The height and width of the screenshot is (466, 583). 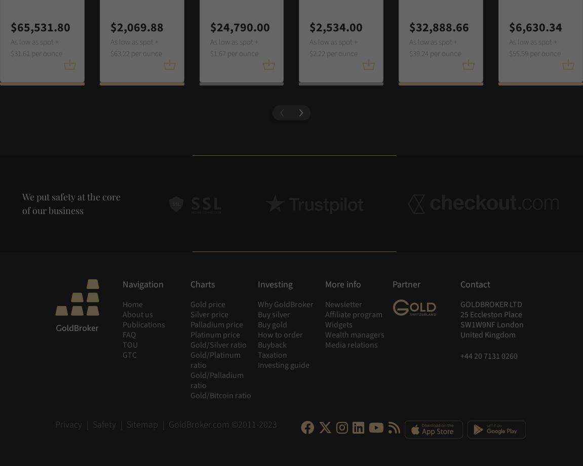 What do you see at coordinates (491, 325) in the screenshot?
I see `'SW1W9NF London'` at bounding box center [491, 325].